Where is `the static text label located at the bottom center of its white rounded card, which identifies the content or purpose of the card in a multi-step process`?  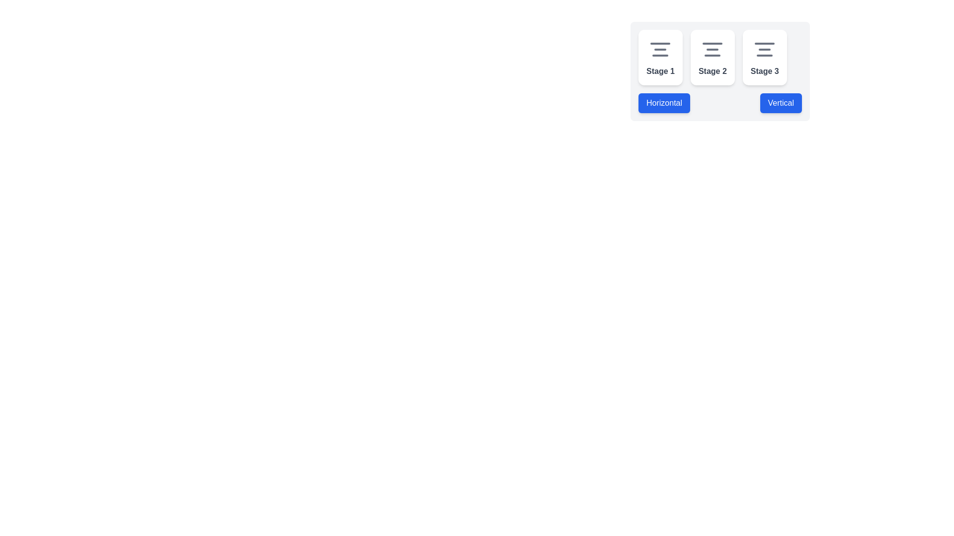
the static text label located at the bottom center of its white rounded card, which identifies the content or purpose of the card in a multi-step process is located at coordinates (660, 70).